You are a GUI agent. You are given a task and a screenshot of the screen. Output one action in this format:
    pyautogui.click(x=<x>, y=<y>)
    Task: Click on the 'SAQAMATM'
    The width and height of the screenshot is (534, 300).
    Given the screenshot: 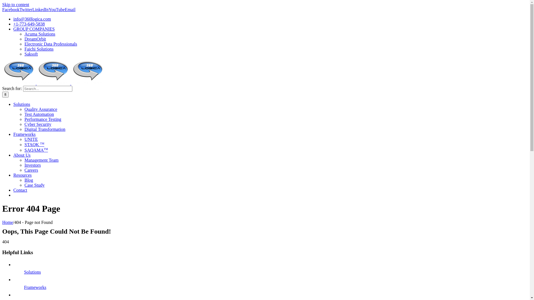 What is the action you would take?
    pyautogui.click(x=36, y=150)
    